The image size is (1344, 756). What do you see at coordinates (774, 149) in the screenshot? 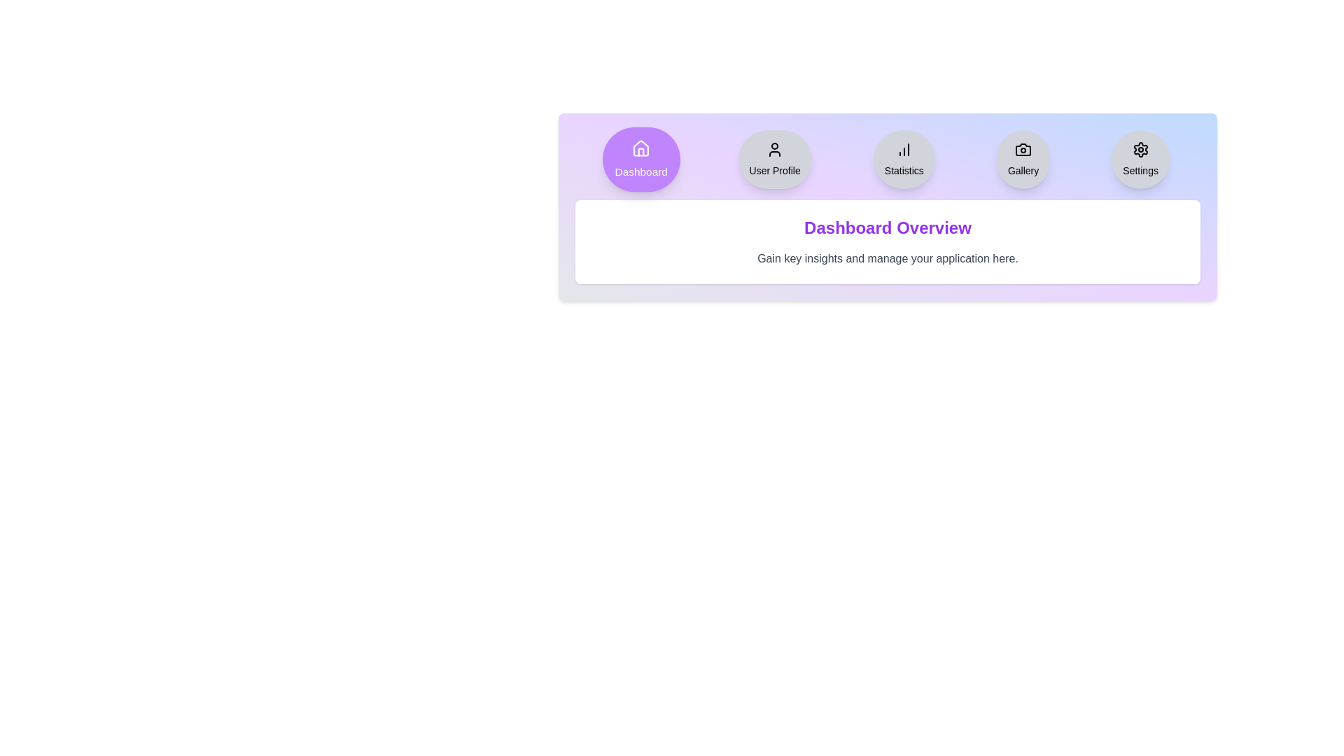
I see `the user profile icon, which is a stylized user silhouette located inside the second circular button in the horizontal menu bar, to possibly see a tooltip` at bounding box center [774, 149].